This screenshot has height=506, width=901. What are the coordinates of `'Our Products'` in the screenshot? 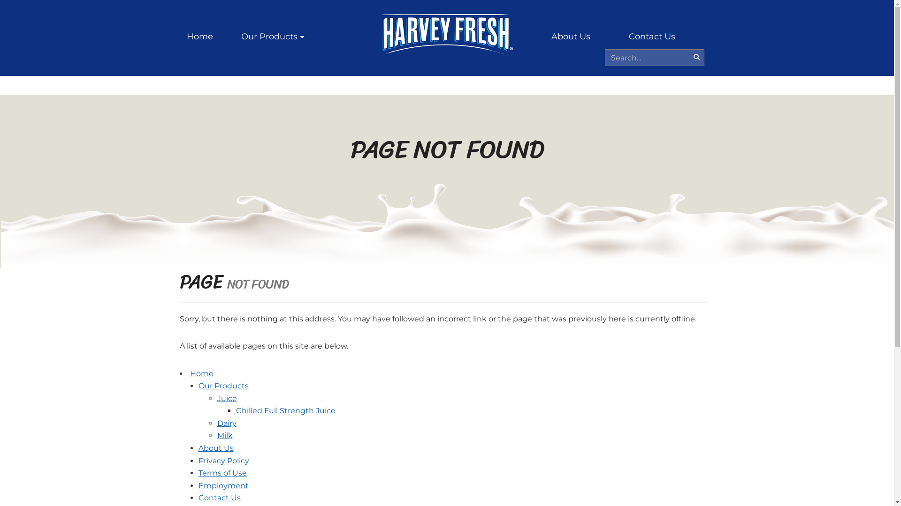 It's located at (222, 386).